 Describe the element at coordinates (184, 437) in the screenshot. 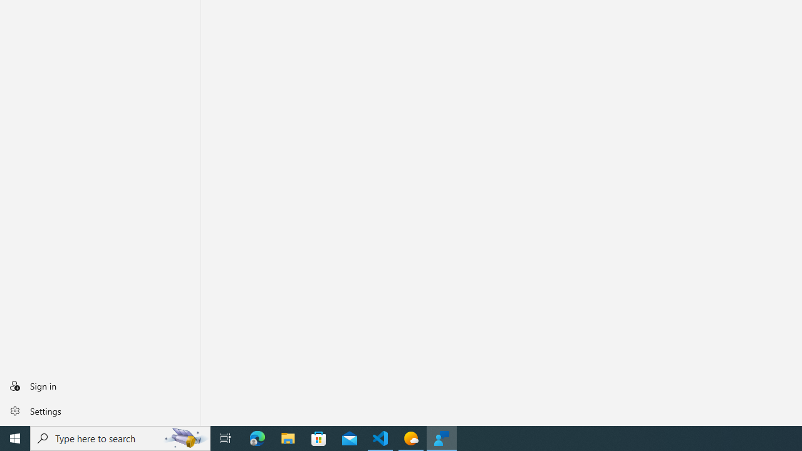

I see `'Search highlights icon opens search home window'` at that location.